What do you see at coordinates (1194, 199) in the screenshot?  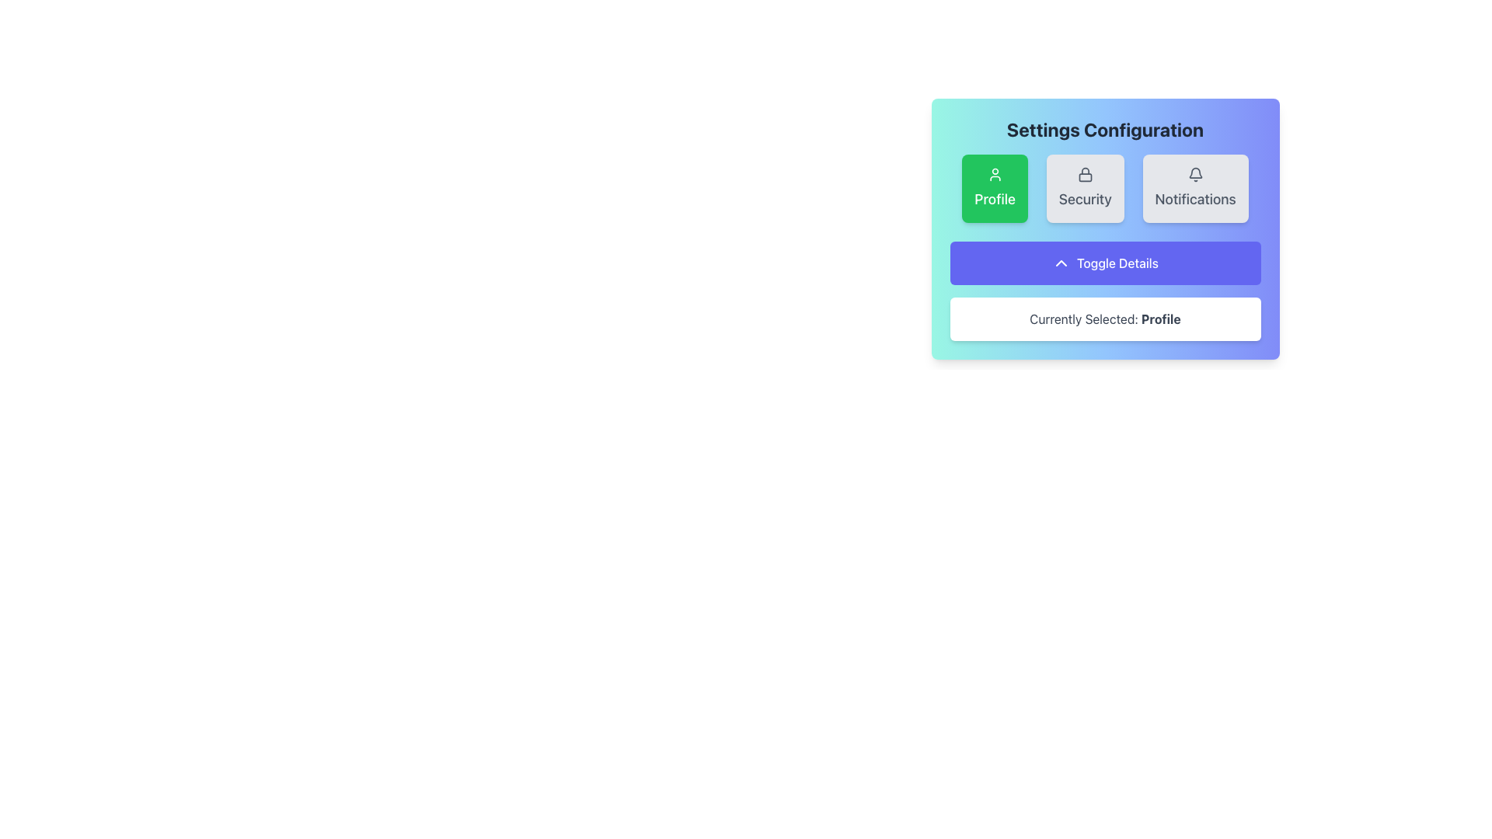 I see `the 'Notifications' text label, which is styled in a sans-serif font, medium weight, and neutral grey color, located beneath a bell icon within a button-like area` at bounding box center [1194, 199].